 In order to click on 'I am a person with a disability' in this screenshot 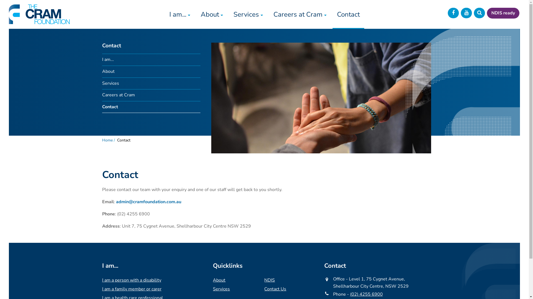, I will do `click(102, 280)`.